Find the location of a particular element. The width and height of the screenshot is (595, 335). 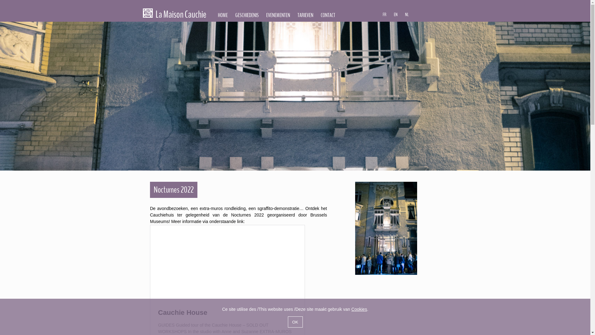

'CONTACT' is located at coordinates (328, 15).